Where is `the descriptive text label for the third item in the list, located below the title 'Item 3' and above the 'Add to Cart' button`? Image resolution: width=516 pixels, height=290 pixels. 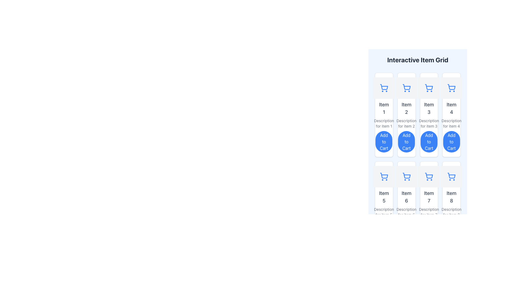
the descriptive text label for the third item in the list, located below the title 'Item 3' and above the 'Add to Cart' button is located at coordinates (429, 123).